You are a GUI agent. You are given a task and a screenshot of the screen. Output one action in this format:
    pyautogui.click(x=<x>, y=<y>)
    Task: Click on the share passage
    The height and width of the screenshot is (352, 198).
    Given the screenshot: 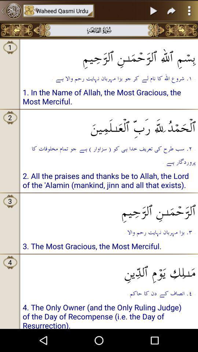 What is the action you would take?
    pyautogui.click(x=172, y=10)
    